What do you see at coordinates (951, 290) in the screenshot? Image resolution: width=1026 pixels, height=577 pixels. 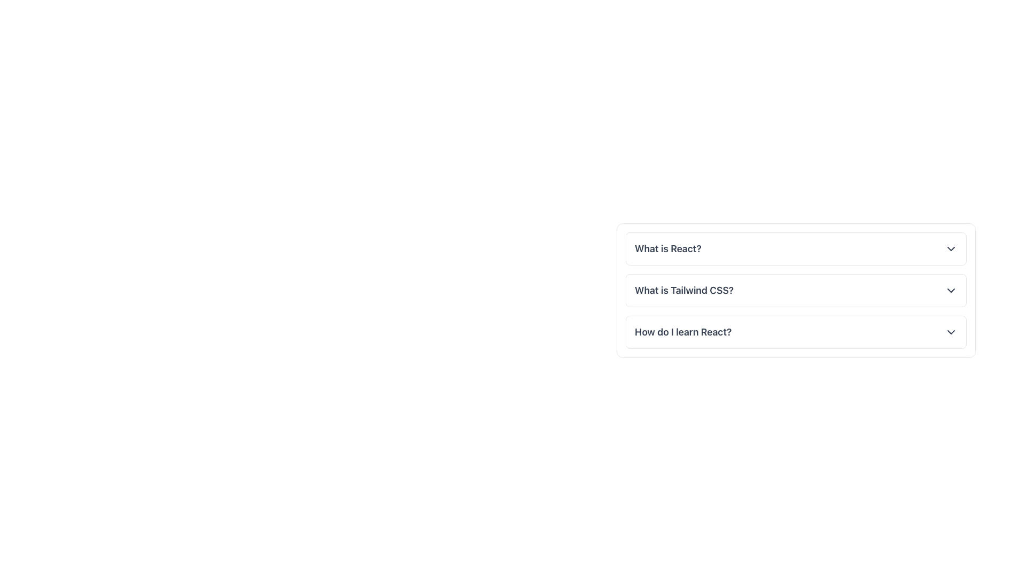 I see `the downward-pointing chevron icon located at the far-right section of the list item labeled 'What is Tailwind CSS?'` at bounding box center [951, 290].